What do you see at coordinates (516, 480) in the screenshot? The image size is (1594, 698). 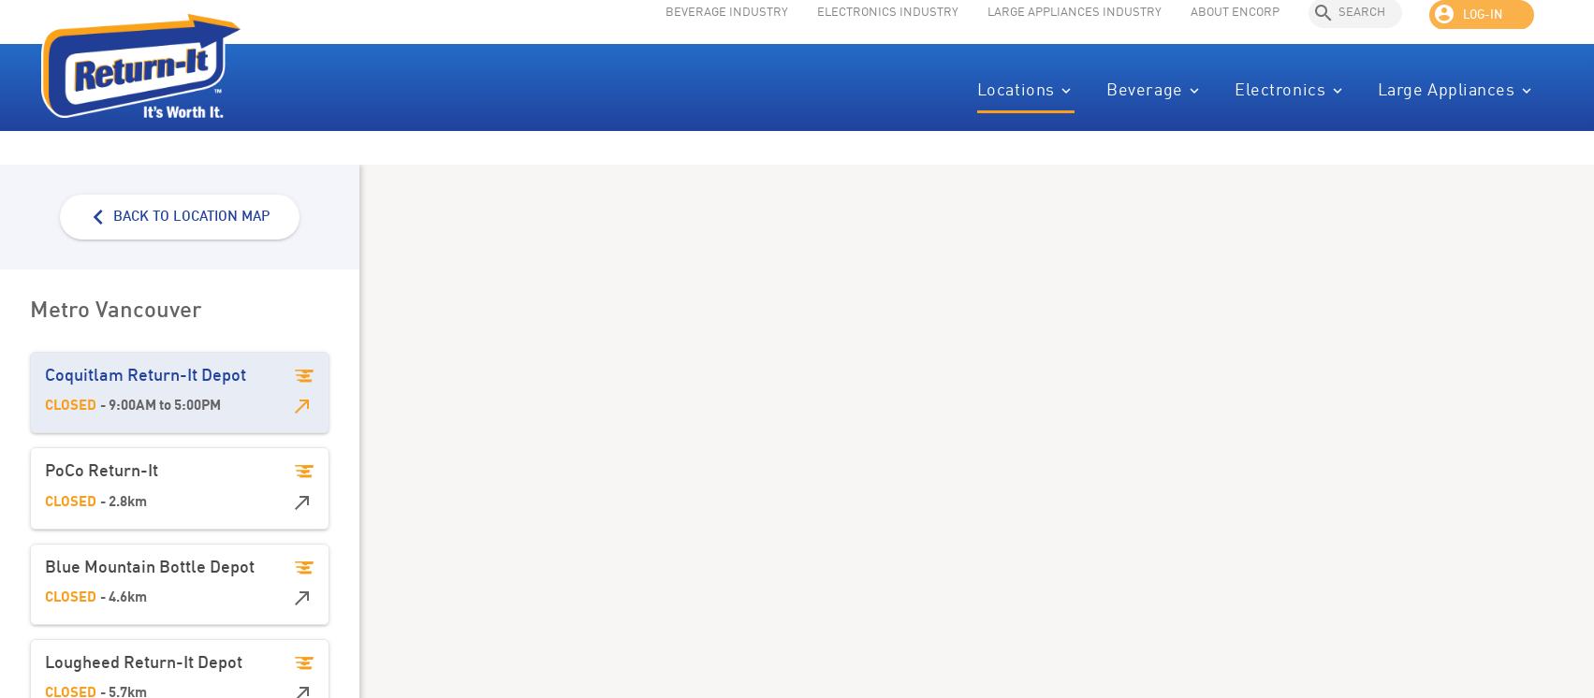 I see `'Saturday'` at bounding box center [516, 480].